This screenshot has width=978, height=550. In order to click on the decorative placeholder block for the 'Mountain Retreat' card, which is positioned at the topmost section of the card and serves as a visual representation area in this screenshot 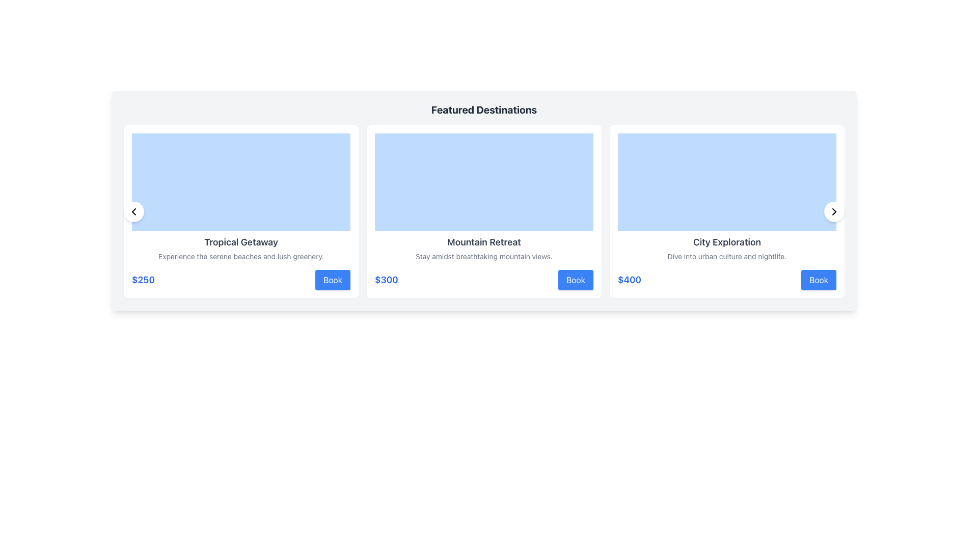, I will do `click(483, 182)`.